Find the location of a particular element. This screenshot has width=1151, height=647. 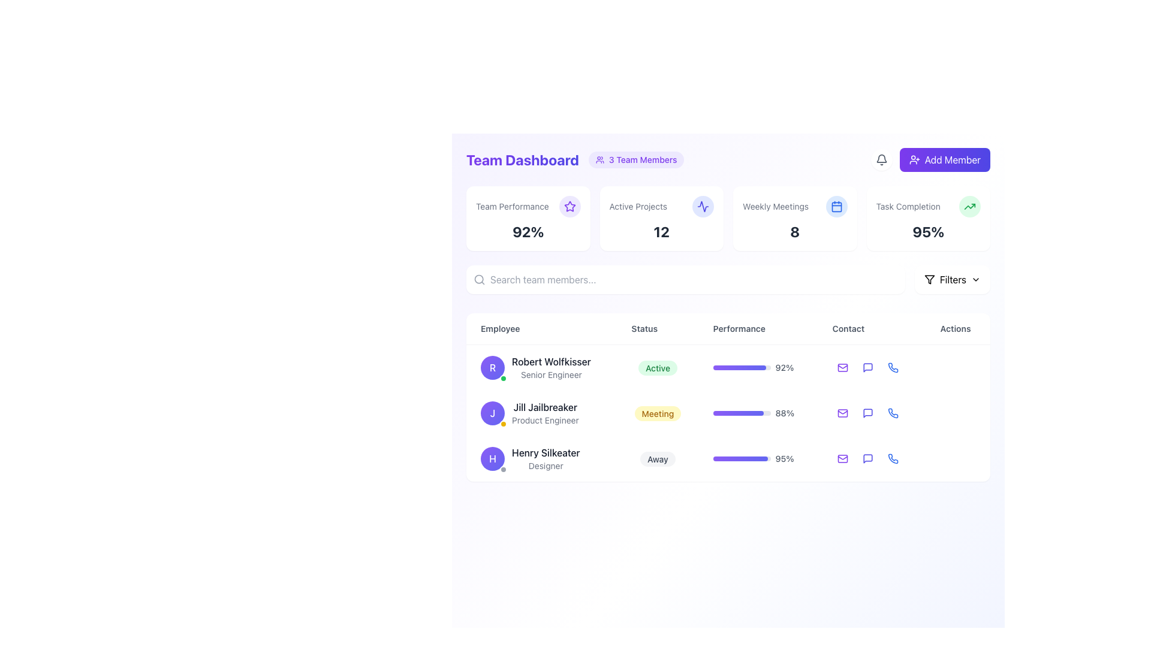

the compact button with a telephone handset icon located in the 'Actions' column of the last row in the table to change its background color is located at coordinates (893, 458).